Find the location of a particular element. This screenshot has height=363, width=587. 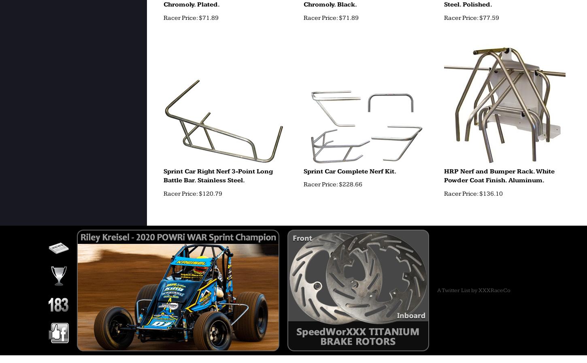

'$77.59' is located at coordinates (477, 17).